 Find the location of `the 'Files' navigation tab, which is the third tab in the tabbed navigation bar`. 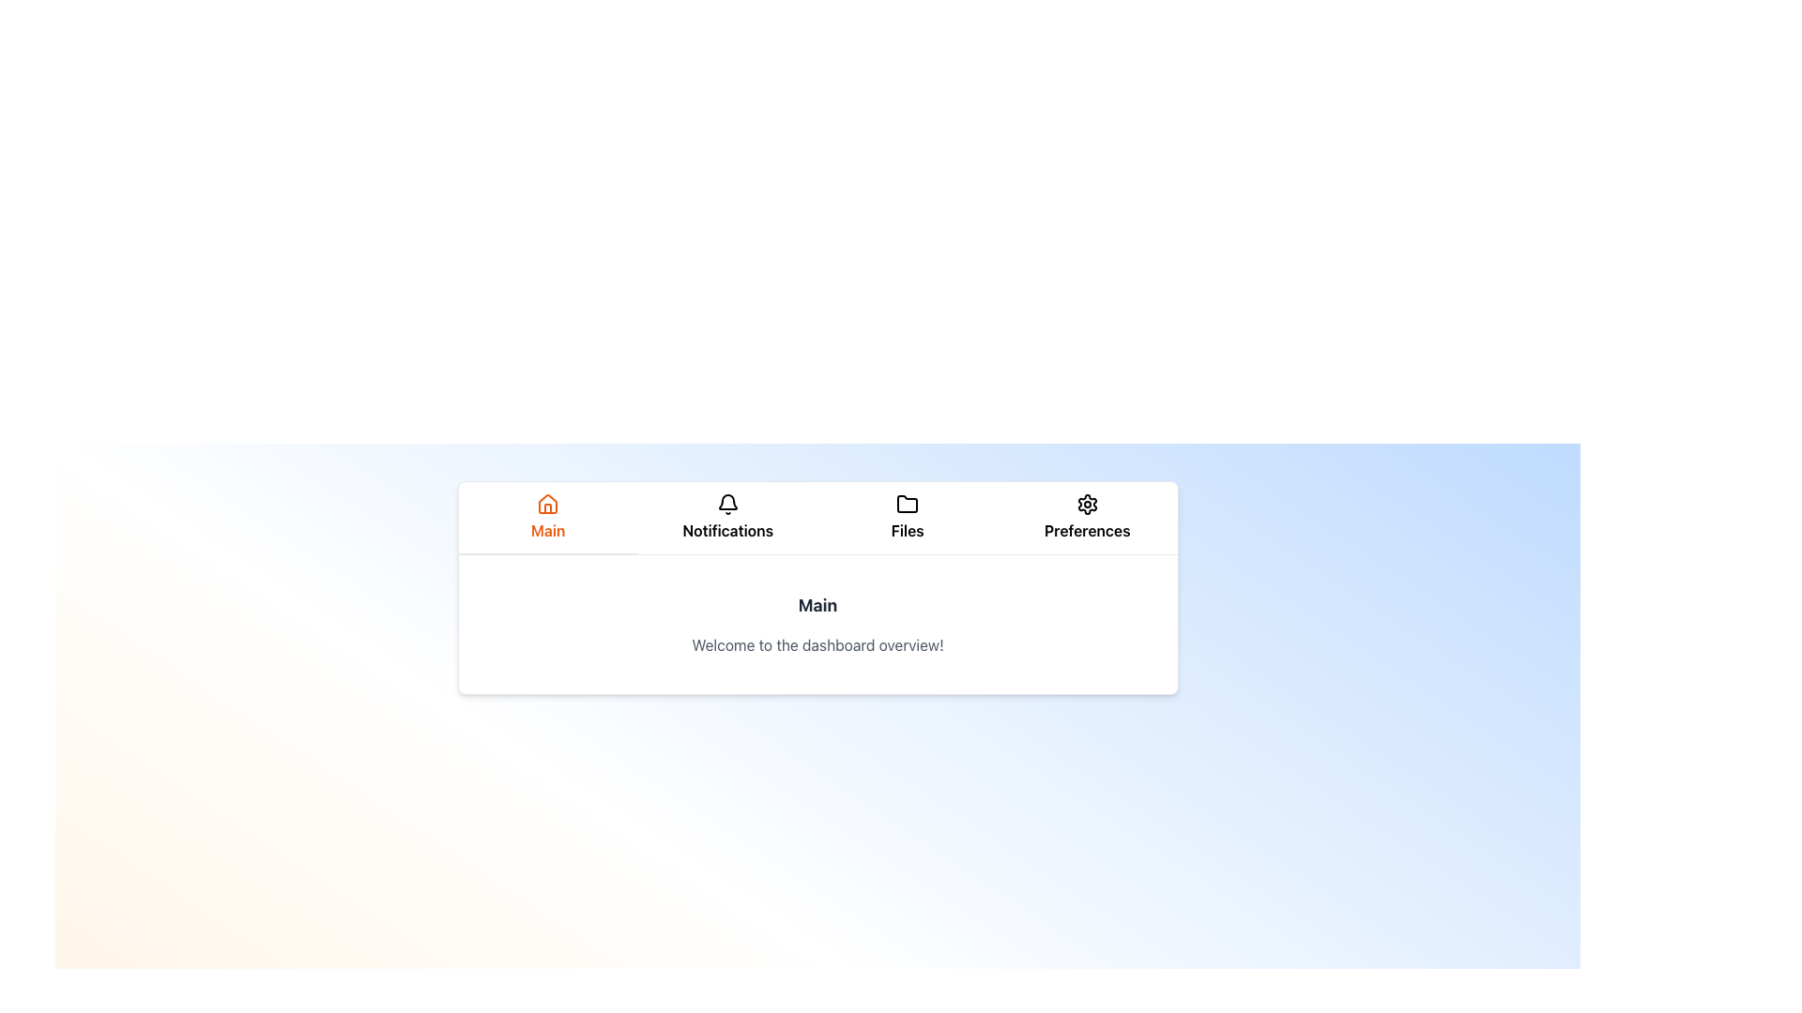

the 'Files' navigation tab, which is the third tab in the tabbed navigation bar is located at coordinates (908, 518).